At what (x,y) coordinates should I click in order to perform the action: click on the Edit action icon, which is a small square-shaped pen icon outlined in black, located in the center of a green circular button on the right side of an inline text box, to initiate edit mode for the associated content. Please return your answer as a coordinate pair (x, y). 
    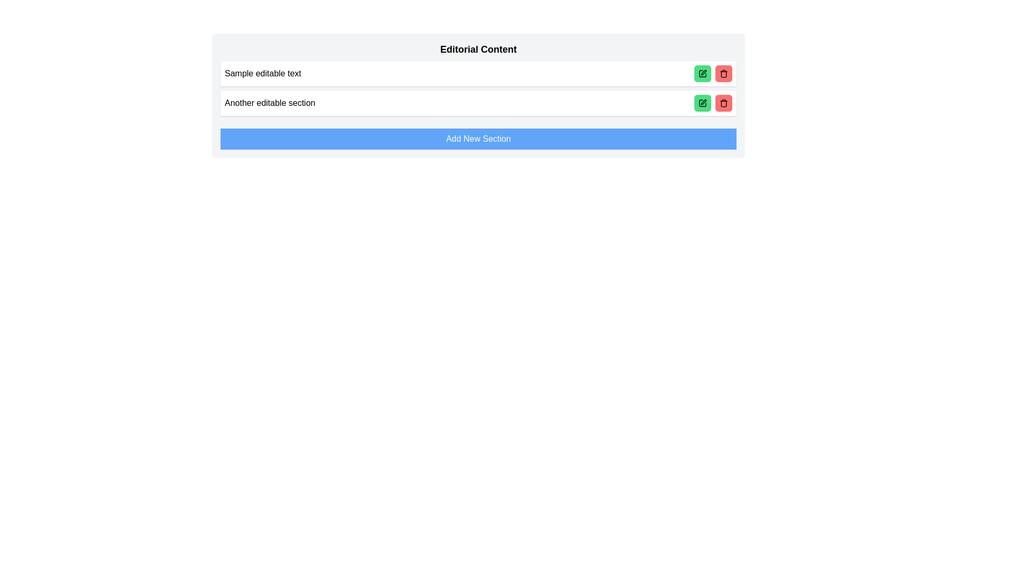
    Looking at the image, I should click on (702, 73).